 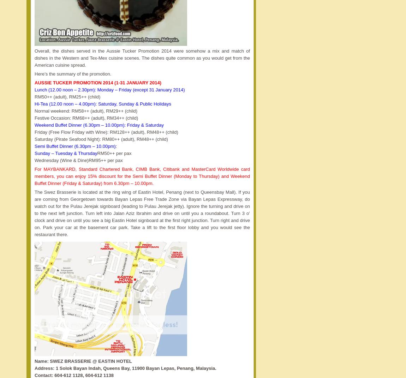 What do you see at coordinates (97, 83) in the screenshot?
I see `'AUSSIE TUCKER PROMOTION 2014 (1-31 JANUARY 2014)'` at bounding box center [97, 83].